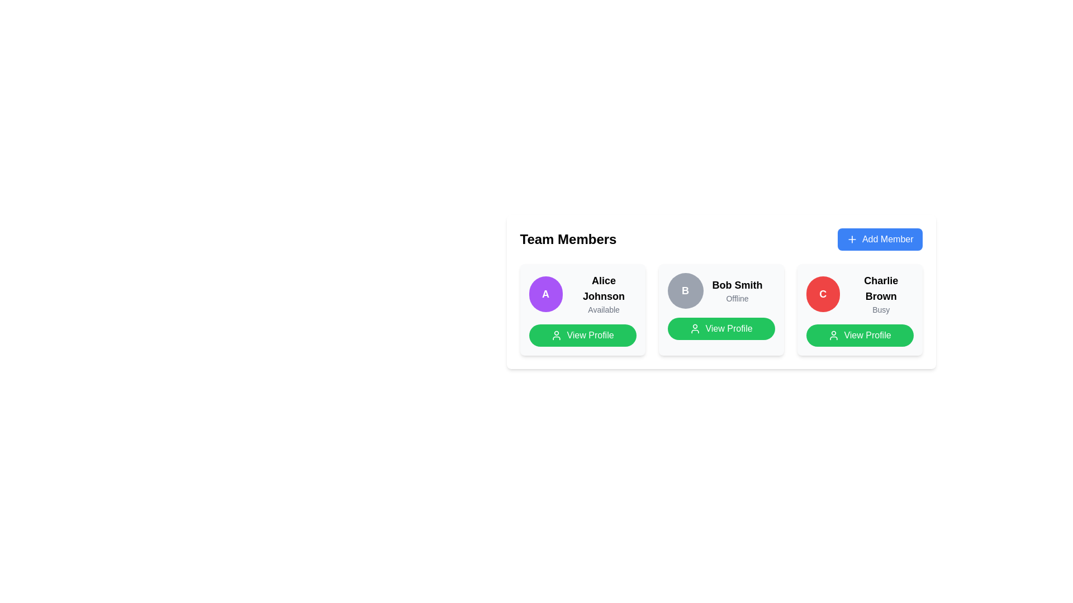  I want to click on the user icon graphic representing Charlie Brown's profile, which is located within the 'View Profile' button and aligned centrally to the left of the text, so click(834, 335).